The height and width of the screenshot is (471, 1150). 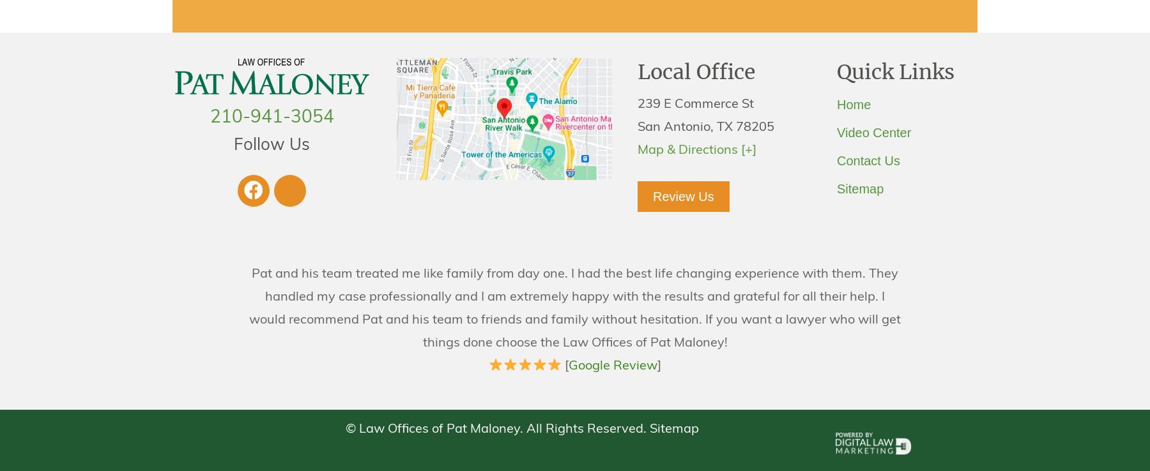 I want to click on '210-941-3054', so click(x=271, y=117).